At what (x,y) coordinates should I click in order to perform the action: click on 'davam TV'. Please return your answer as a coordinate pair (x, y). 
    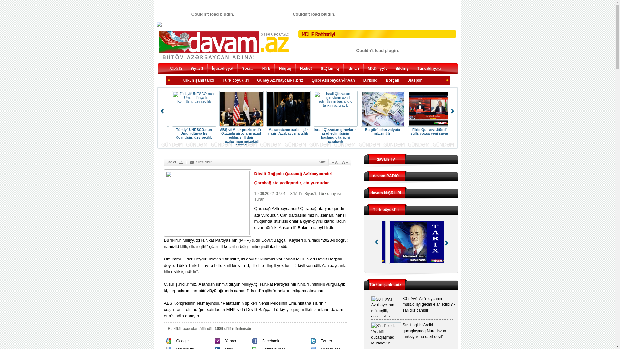
    Looking at the image, I should click on (386, 159).